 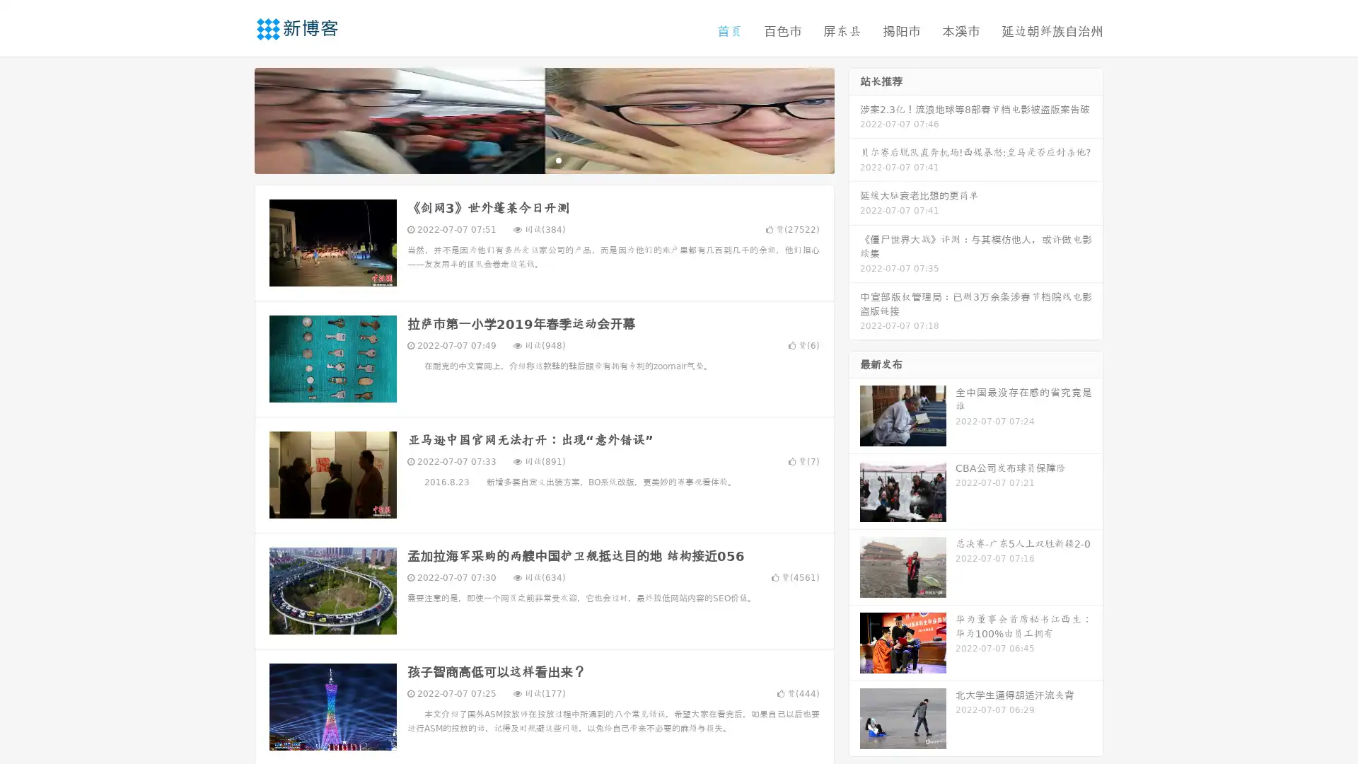 What do you see at coordinates (854, 119) in the screenshot?
I see `Next slide` at bounding box center [854, 119].